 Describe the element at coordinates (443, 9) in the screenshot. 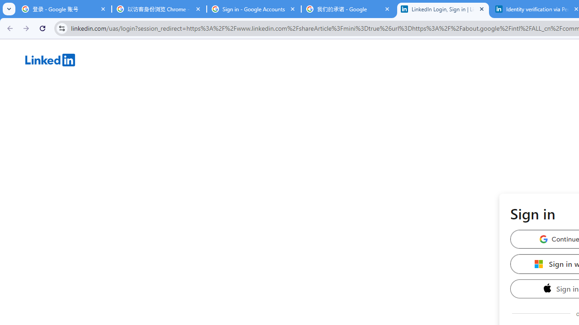

I see `'LinkedIn Login, Sign in | LinkedIn'` at that location.